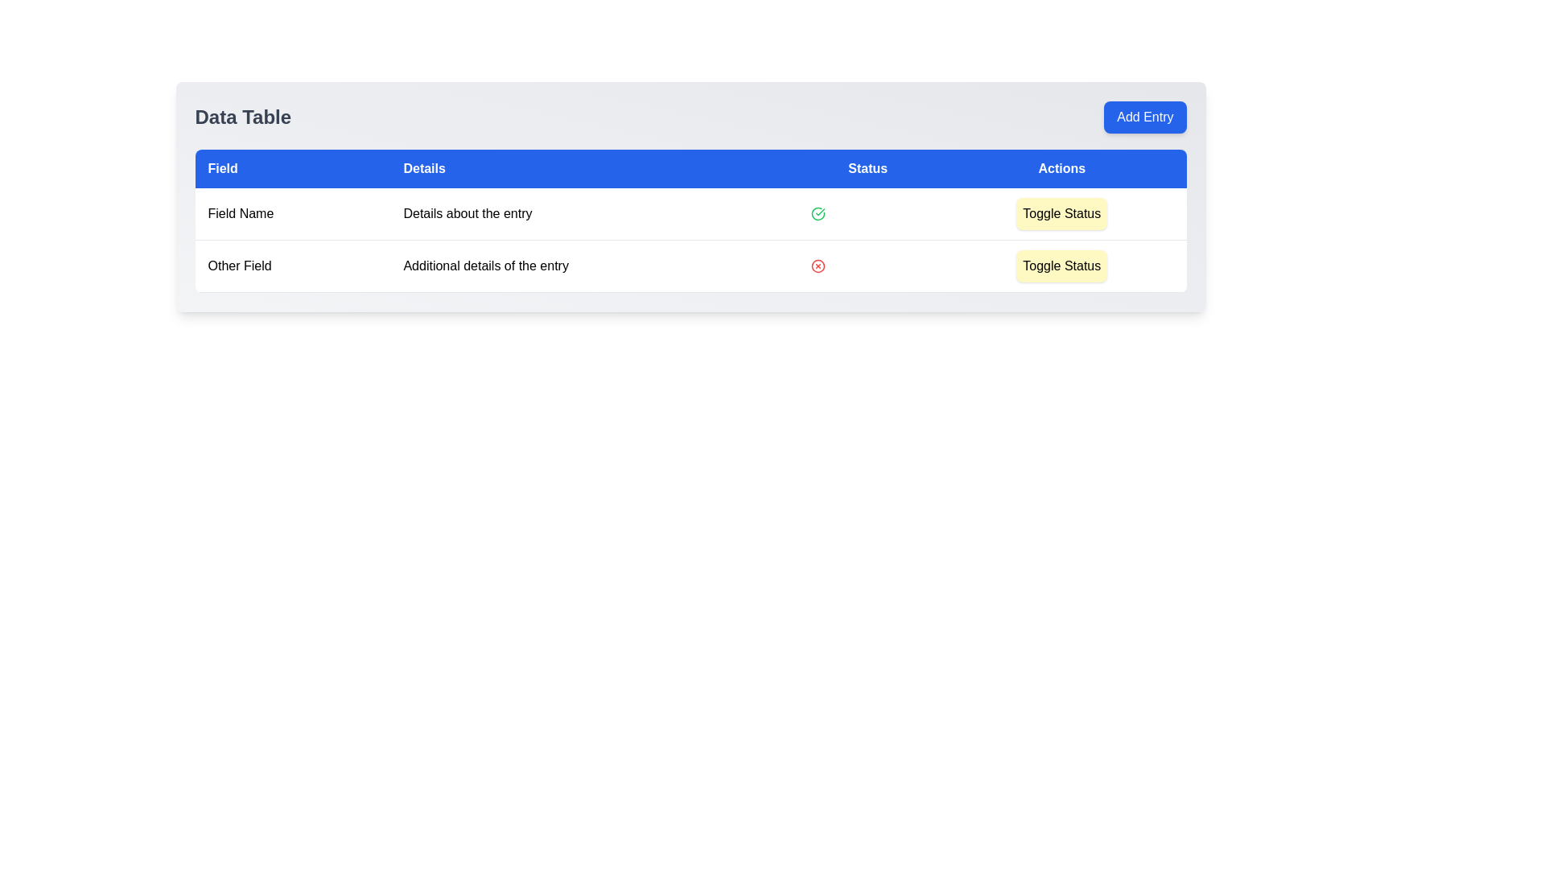  I want to click on the status of the green circular status icon located in the 'Status' column, adjacent to the text 'Details about the entry'. This icon is the first in a group of two status icons and is positioned before the 'Toggle Status' button, so click(818, 213).